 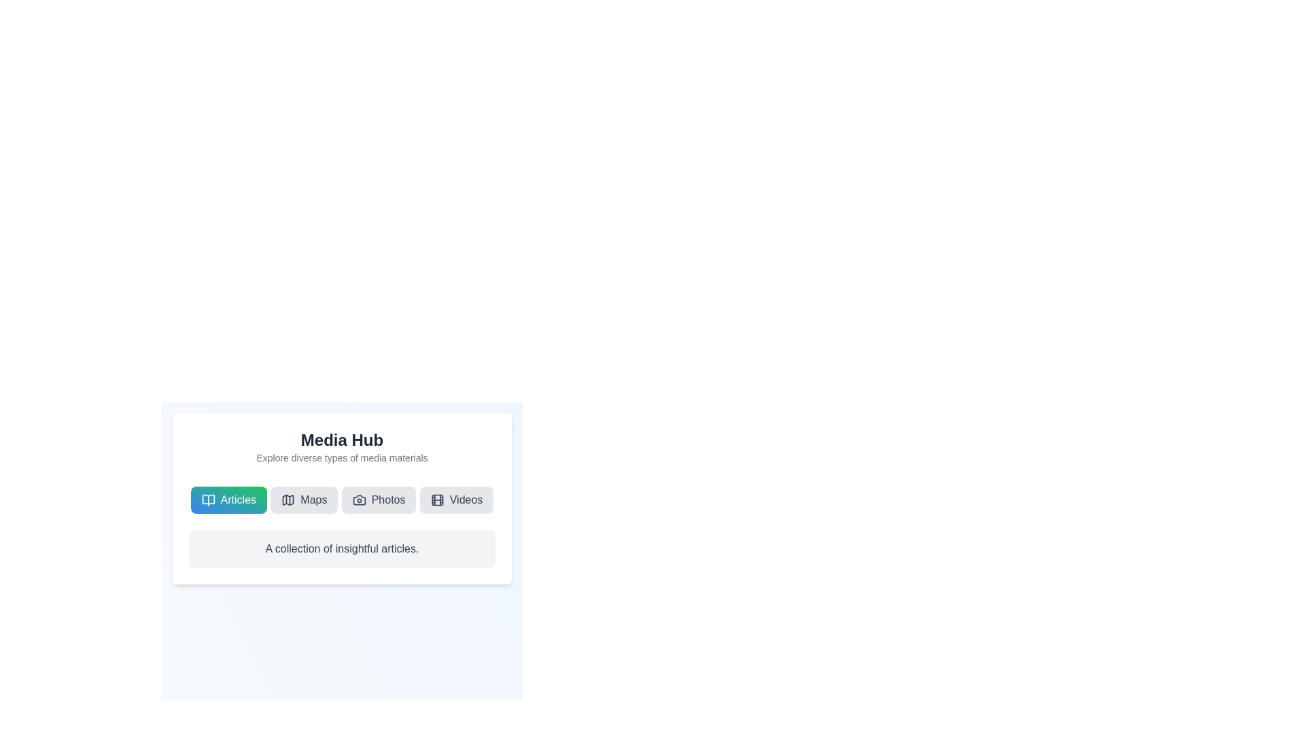 I want to click on descriptive text label located beneath the buttons labeled 'Articles,' 'Maps,' 'Photos,' and 'Videos' in the media hub interface, so click(x=342, y=548).